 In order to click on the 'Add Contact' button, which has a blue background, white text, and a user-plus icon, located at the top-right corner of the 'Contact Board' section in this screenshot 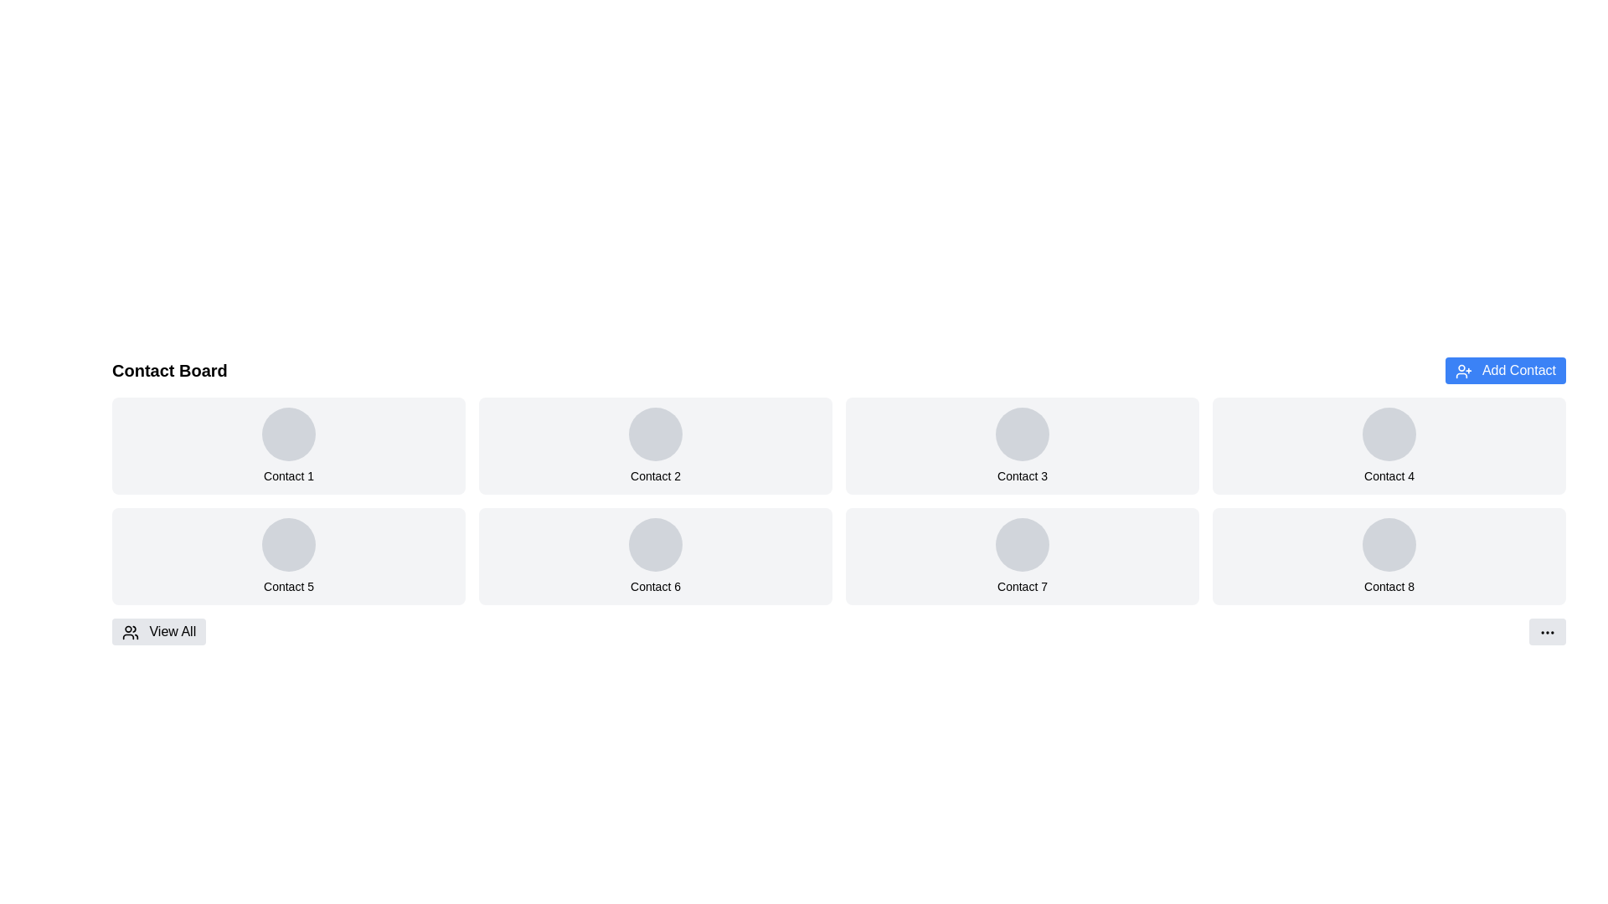, I will do `click(1506, 370)`.